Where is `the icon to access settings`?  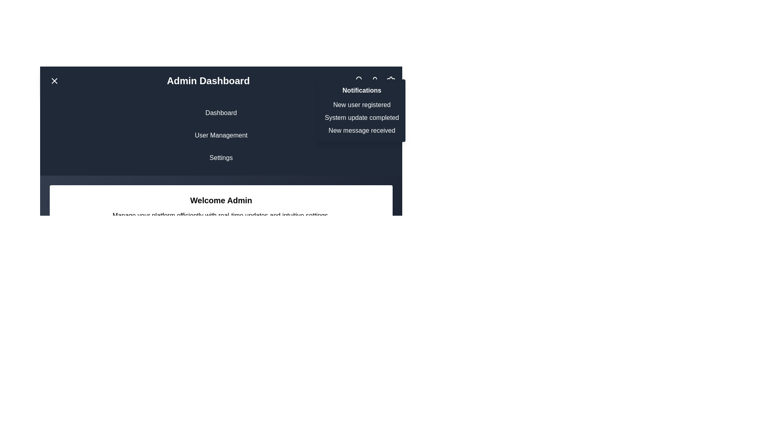
the icon to access settings is located at coordinates (391, 81).